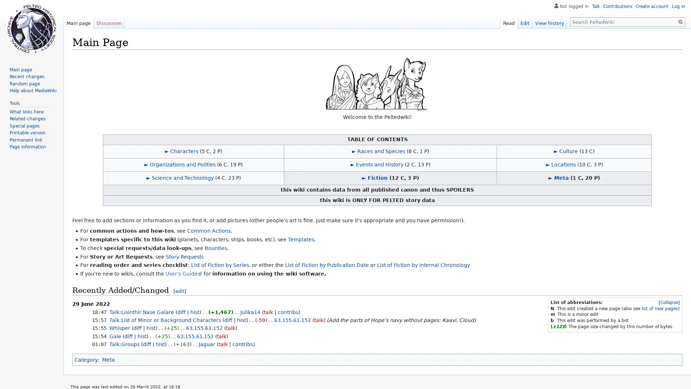 The width and height of the screenshot is (691, 389). What do you see at coordinates (669, 303) in the screenshot?
I see `[Collapse]` at bounding box center [669, 303].